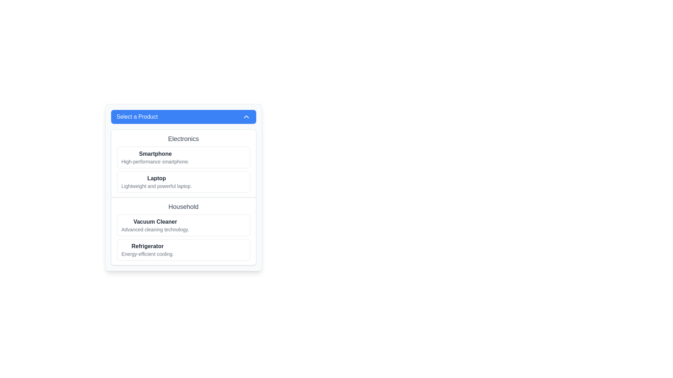 This screenshot has height=378, width=673. Describe the element at coordinates (155, 222) in the screenshot. I see `the bold text label 'Vacuum Cleaner' located at the top of the rectangular section under the 'Household' category` at that location.